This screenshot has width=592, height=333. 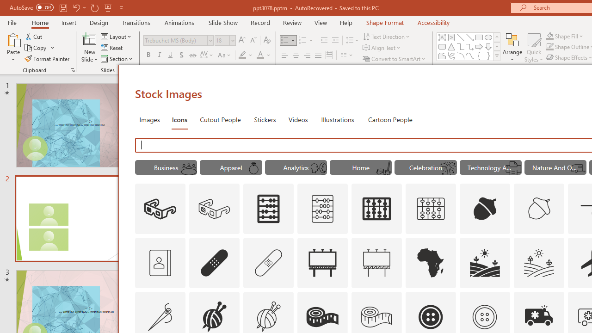 What do you see at coordinates (324, 40) in the screenshot?
I see `'Decrease Indent'` at bounding box center [324, 40].